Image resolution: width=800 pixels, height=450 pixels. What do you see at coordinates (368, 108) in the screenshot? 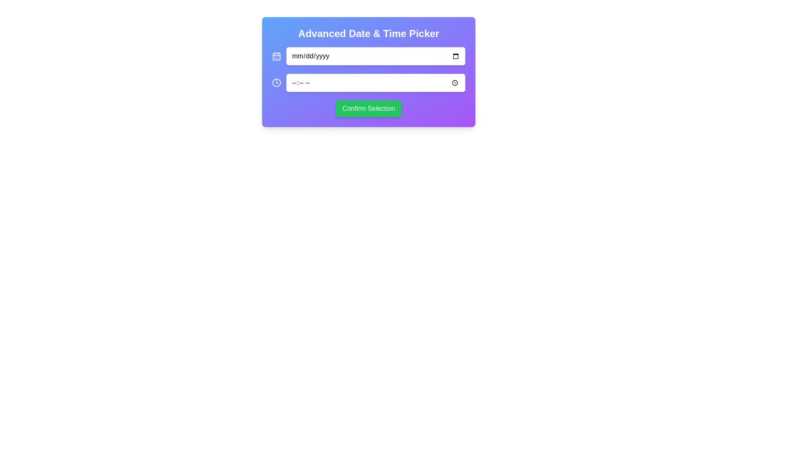
I see `the green rectangular button with rounded corners labeled 'Confirm Selection' located at the bottom of the 'Advanced Date & Time Picker' form` at bounding box center [368, 108].